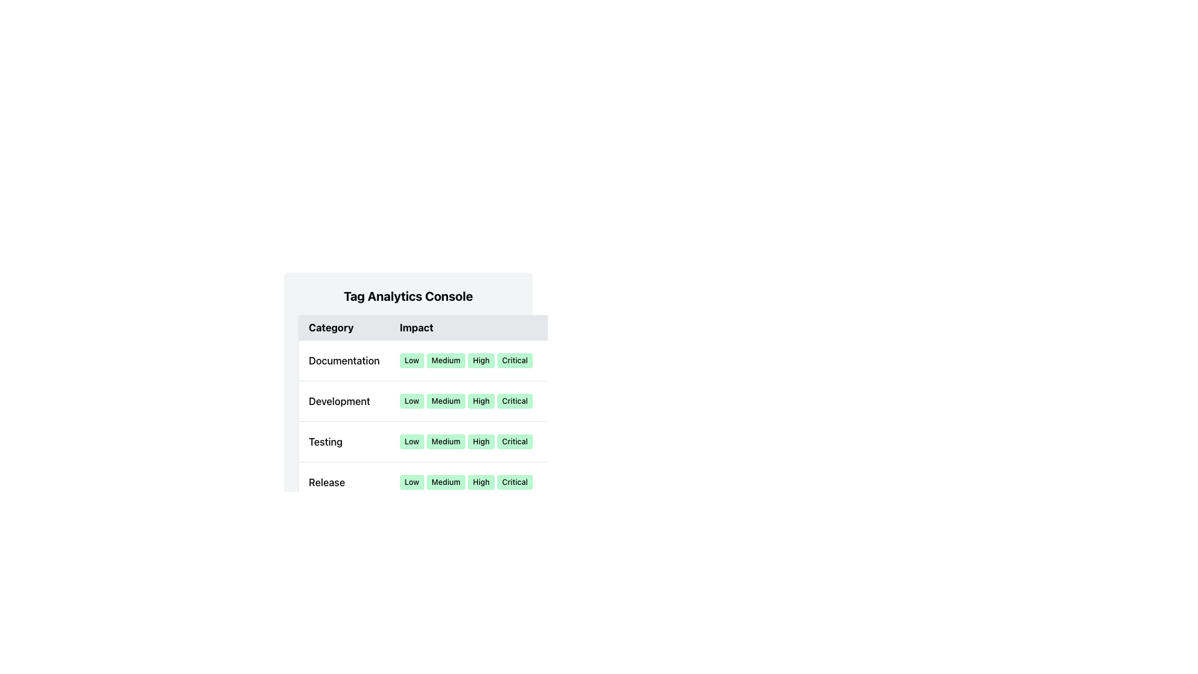 This screenshot has width=1198, height=674. What do you see at coordinates (515, 481) in the screenshot?
I see `the button-like label with a green background and the text 'Critical' in the Impact section of the Release row` at bounding box center [515, 481].